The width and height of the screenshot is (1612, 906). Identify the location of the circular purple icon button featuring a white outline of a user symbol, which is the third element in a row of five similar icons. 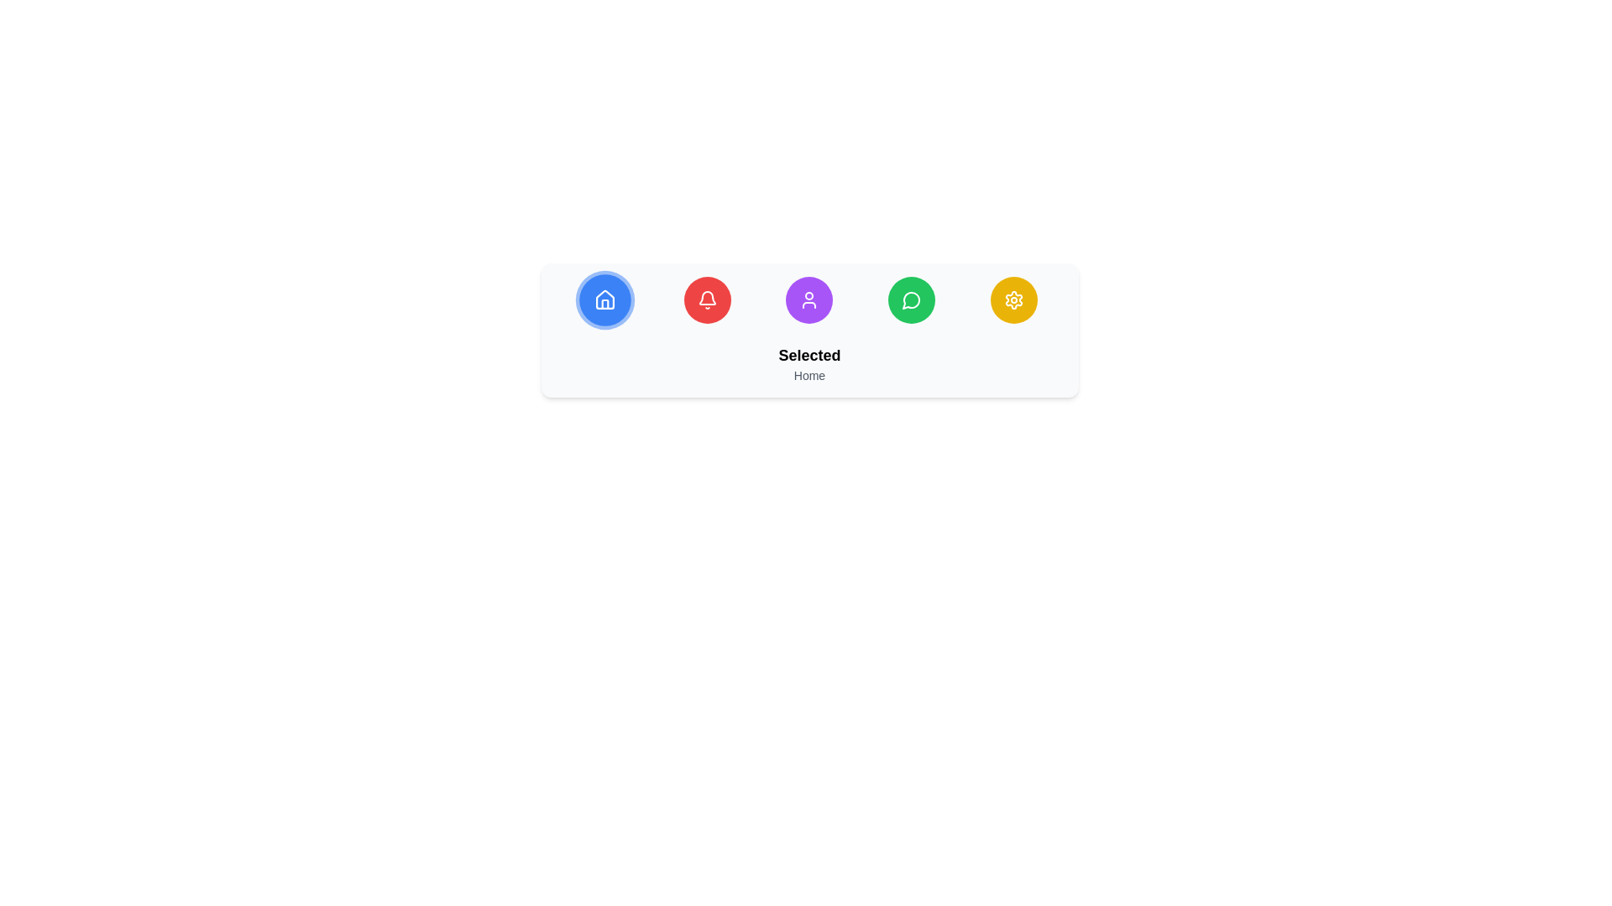
(809, 299).